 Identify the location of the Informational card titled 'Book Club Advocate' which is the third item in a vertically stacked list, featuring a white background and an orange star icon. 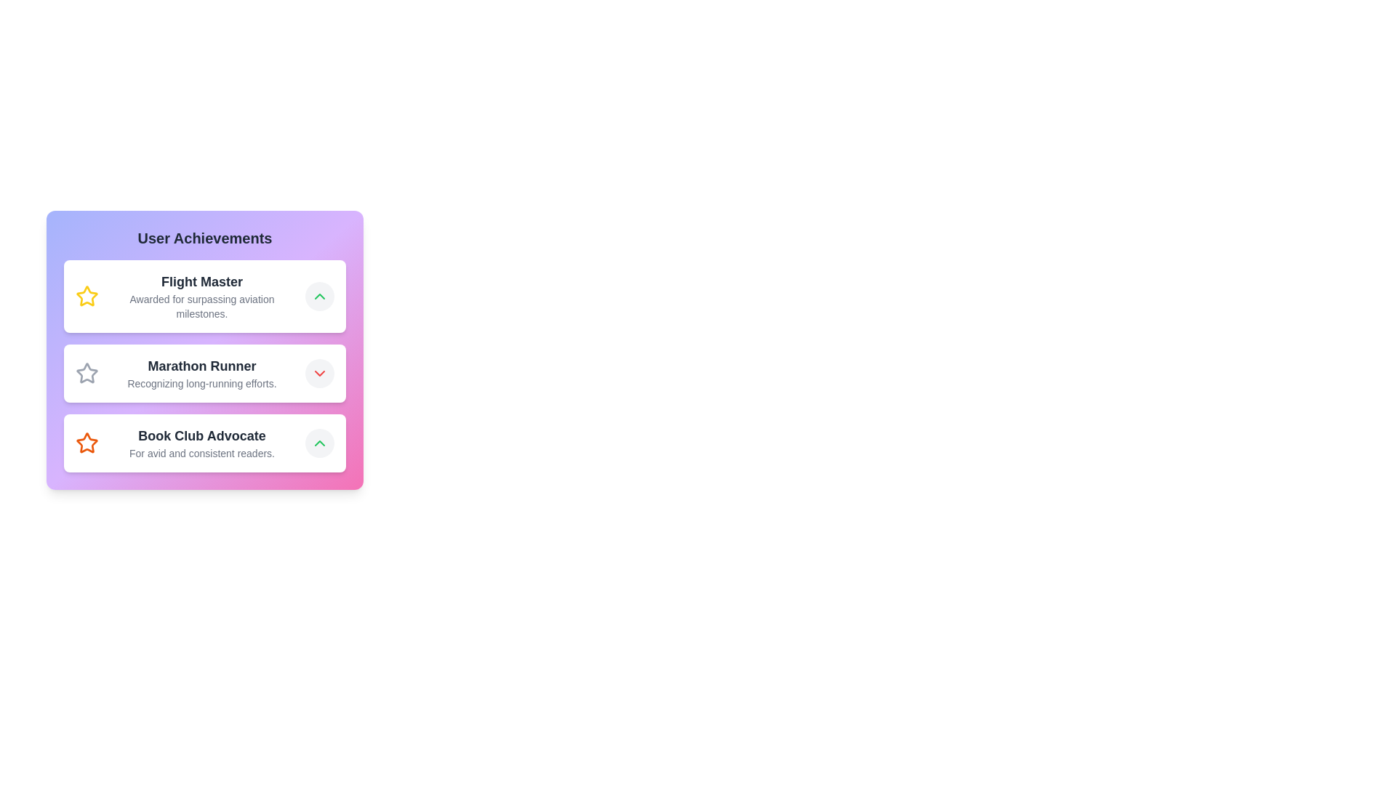
(204, 442).